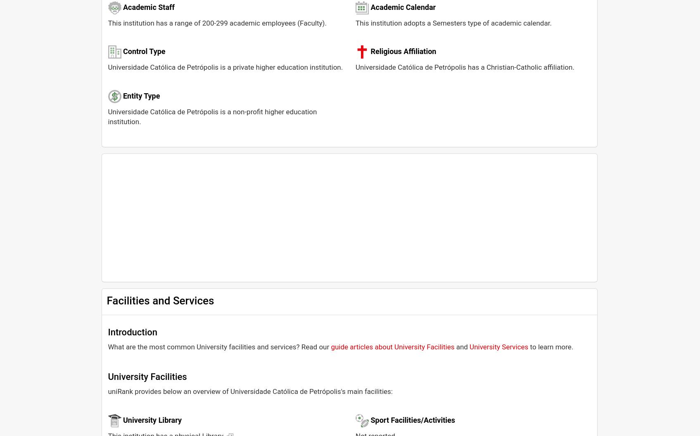  I want to click on 'Academic Staff', so click(122, 7).